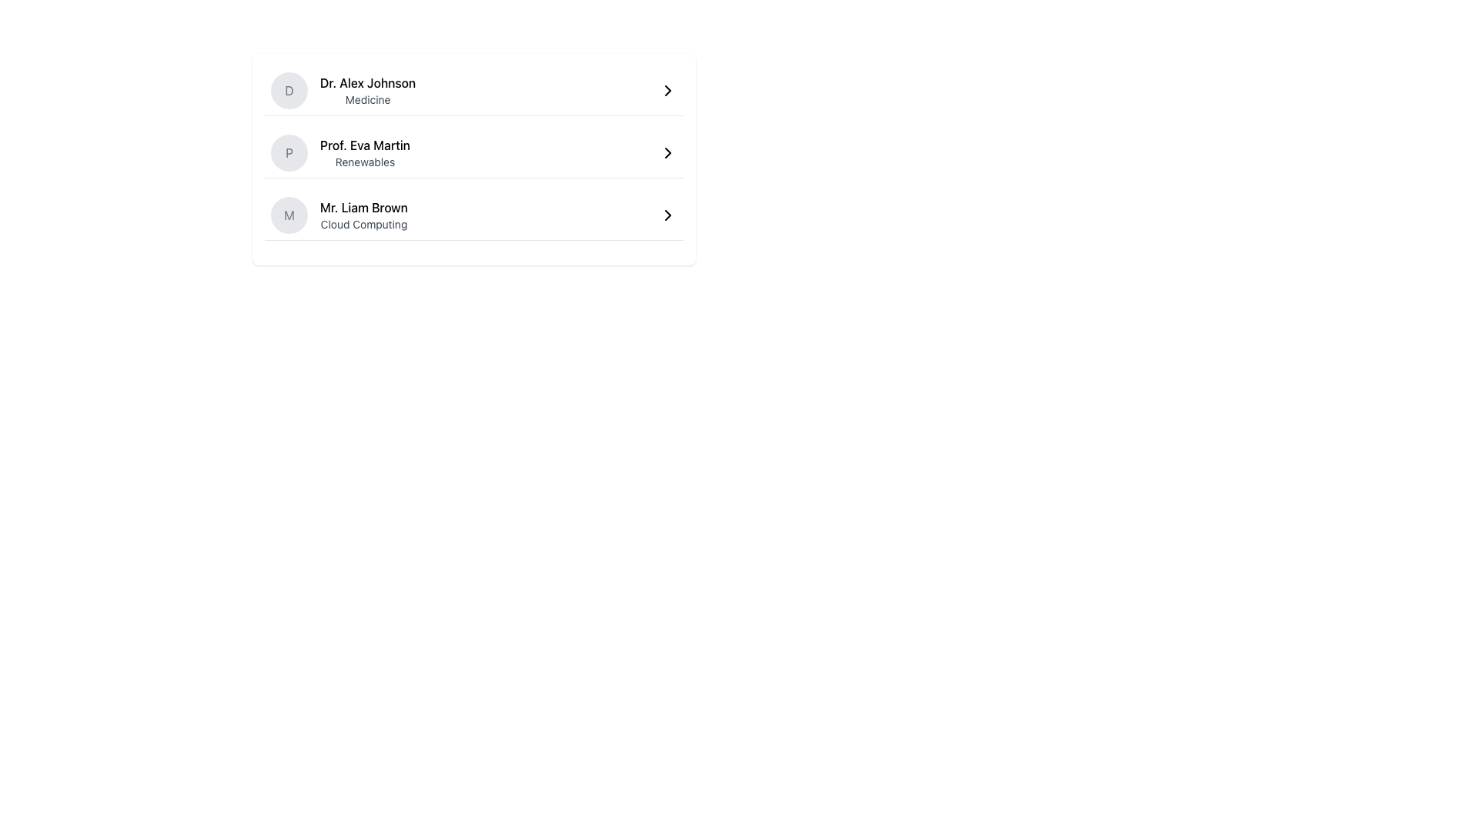 The height and width of the screenshot is (831, 1478). Describe the element at coordinates (367, 91) in the screenshot. I see `information displayed in the Text Display element that shows the name and specialty of a person, located as the first item in the list` at that location.